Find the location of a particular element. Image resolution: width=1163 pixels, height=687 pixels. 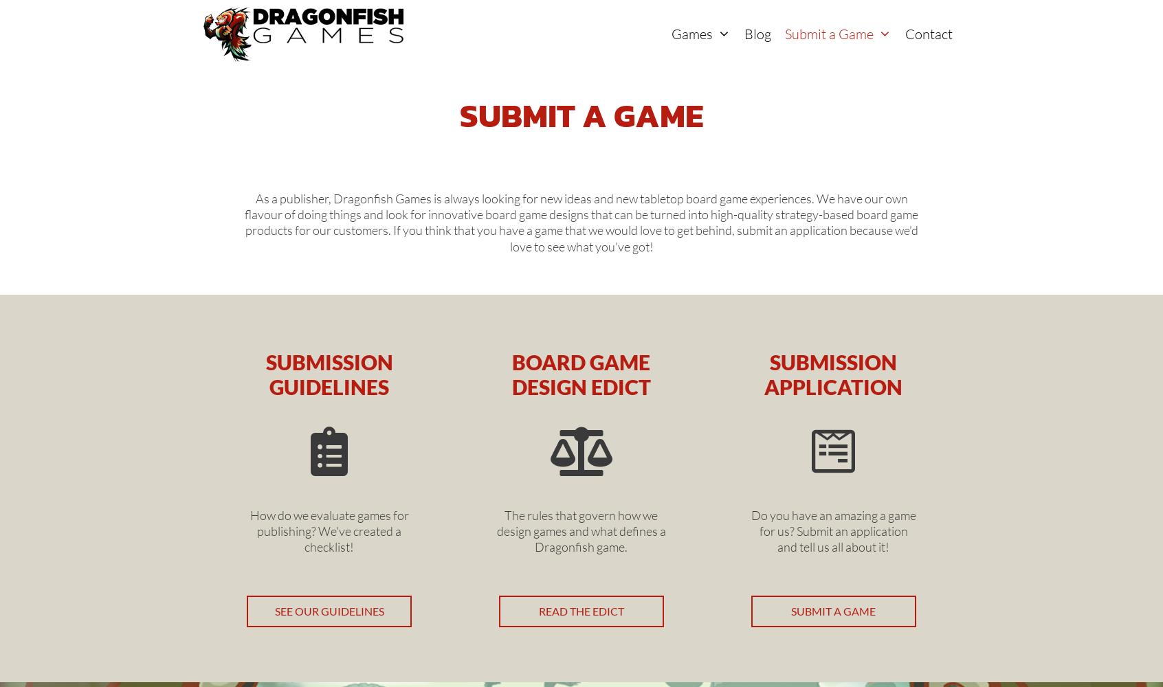

'Submission Guidelines' is located at coordinates (328, 374).